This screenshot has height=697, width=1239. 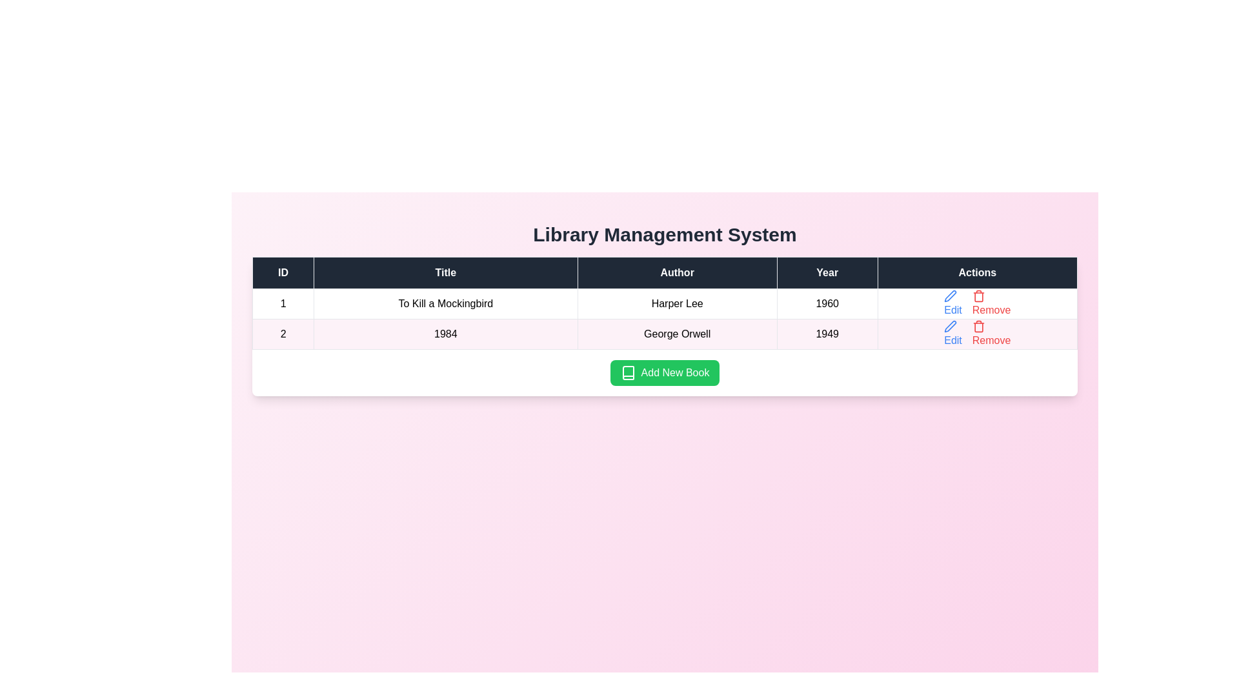 What do you see at coordinates (676, 272) in the screenshot?
I see `the 'Author' table header cell with a dark blue background to sort the column` at bounding box center [676, 272].